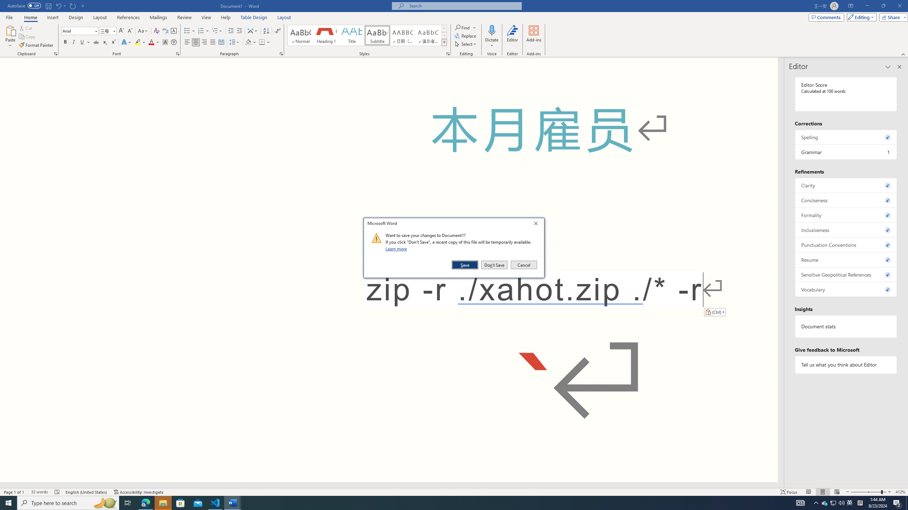 This screenshot has height=510, width=908. What do you see at coordinates (846, 185) in the screenshot?
I see `'Clarity, 0 issues. Press space or enter to review items.'` at bounding box center [846, 185].